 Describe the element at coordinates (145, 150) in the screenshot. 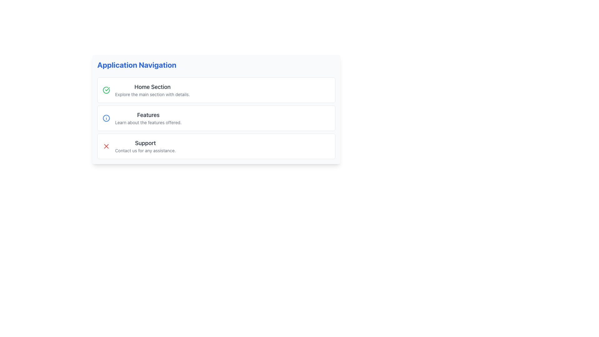

I see `the text label that reads 'Contact us for any assistance.' positioned below the 'Support' text` at that location.